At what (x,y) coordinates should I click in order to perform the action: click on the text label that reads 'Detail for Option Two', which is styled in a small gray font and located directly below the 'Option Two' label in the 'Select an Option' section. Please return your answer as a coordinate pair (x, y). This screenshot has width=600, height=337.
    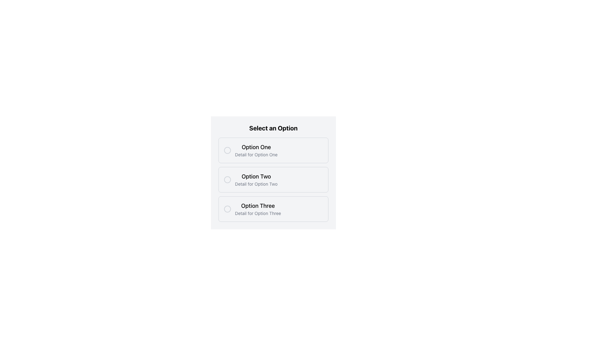
    Looking at the image, I should click on (256, 184).